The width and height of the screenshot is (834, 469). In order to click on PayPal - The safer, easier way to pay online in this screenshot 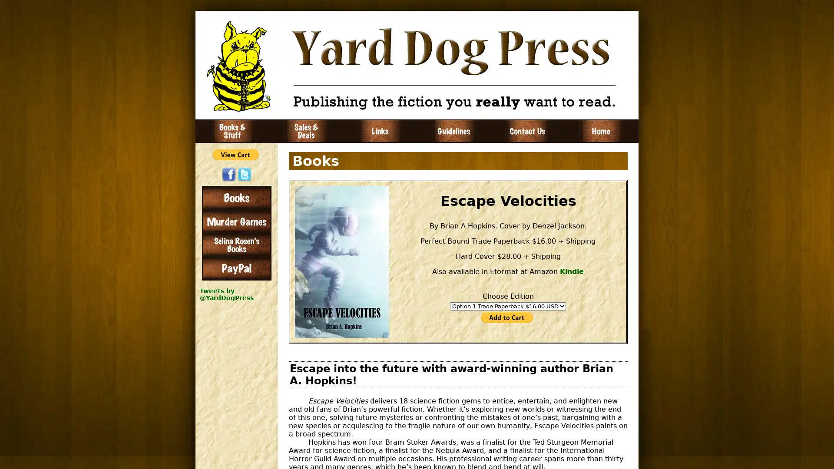, I will do `click(235, 154)`.